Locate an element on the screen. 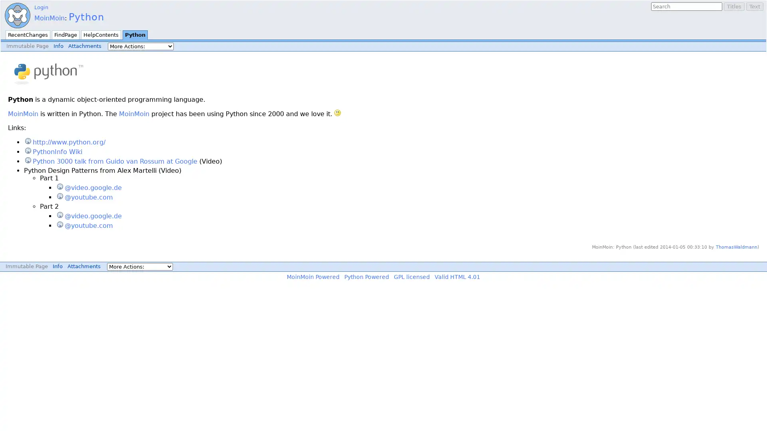 The height and width of the screenshot is (431, 767). Text is located at coordinates (754, 6).